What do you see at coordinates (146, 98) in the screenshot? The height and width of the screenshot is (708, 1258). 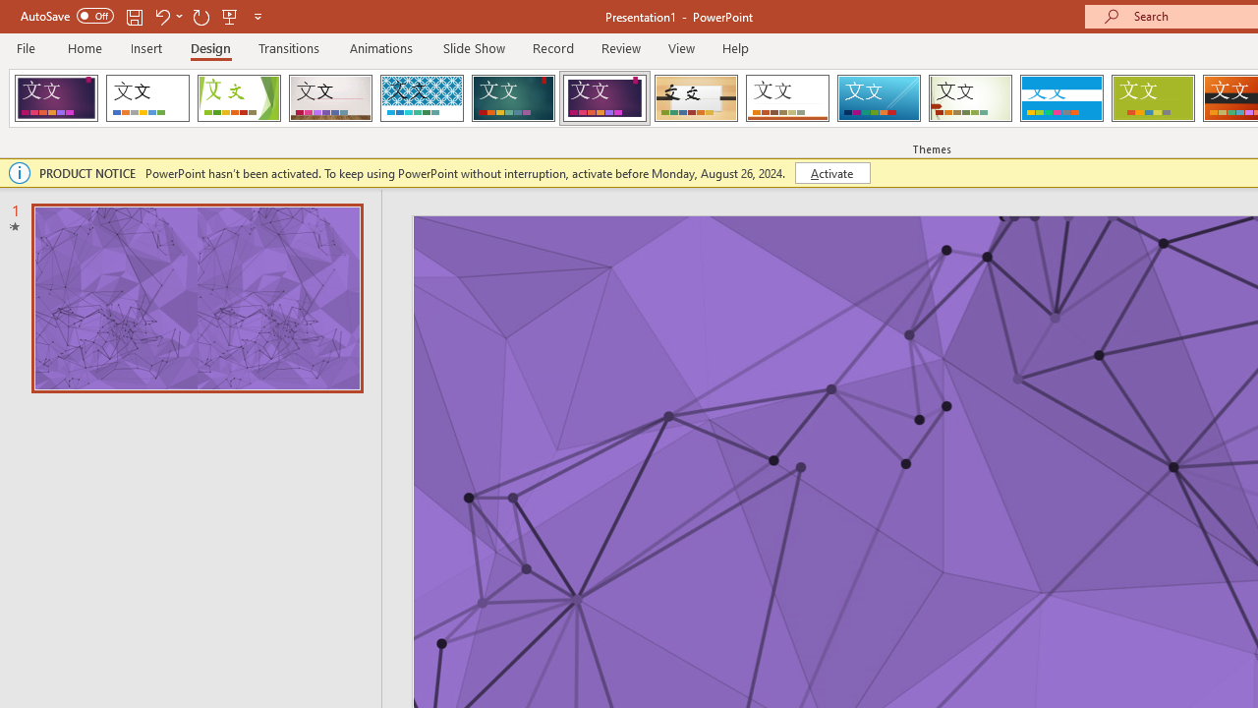 I see `'Office Theme'` at bounding box center [146, 98].